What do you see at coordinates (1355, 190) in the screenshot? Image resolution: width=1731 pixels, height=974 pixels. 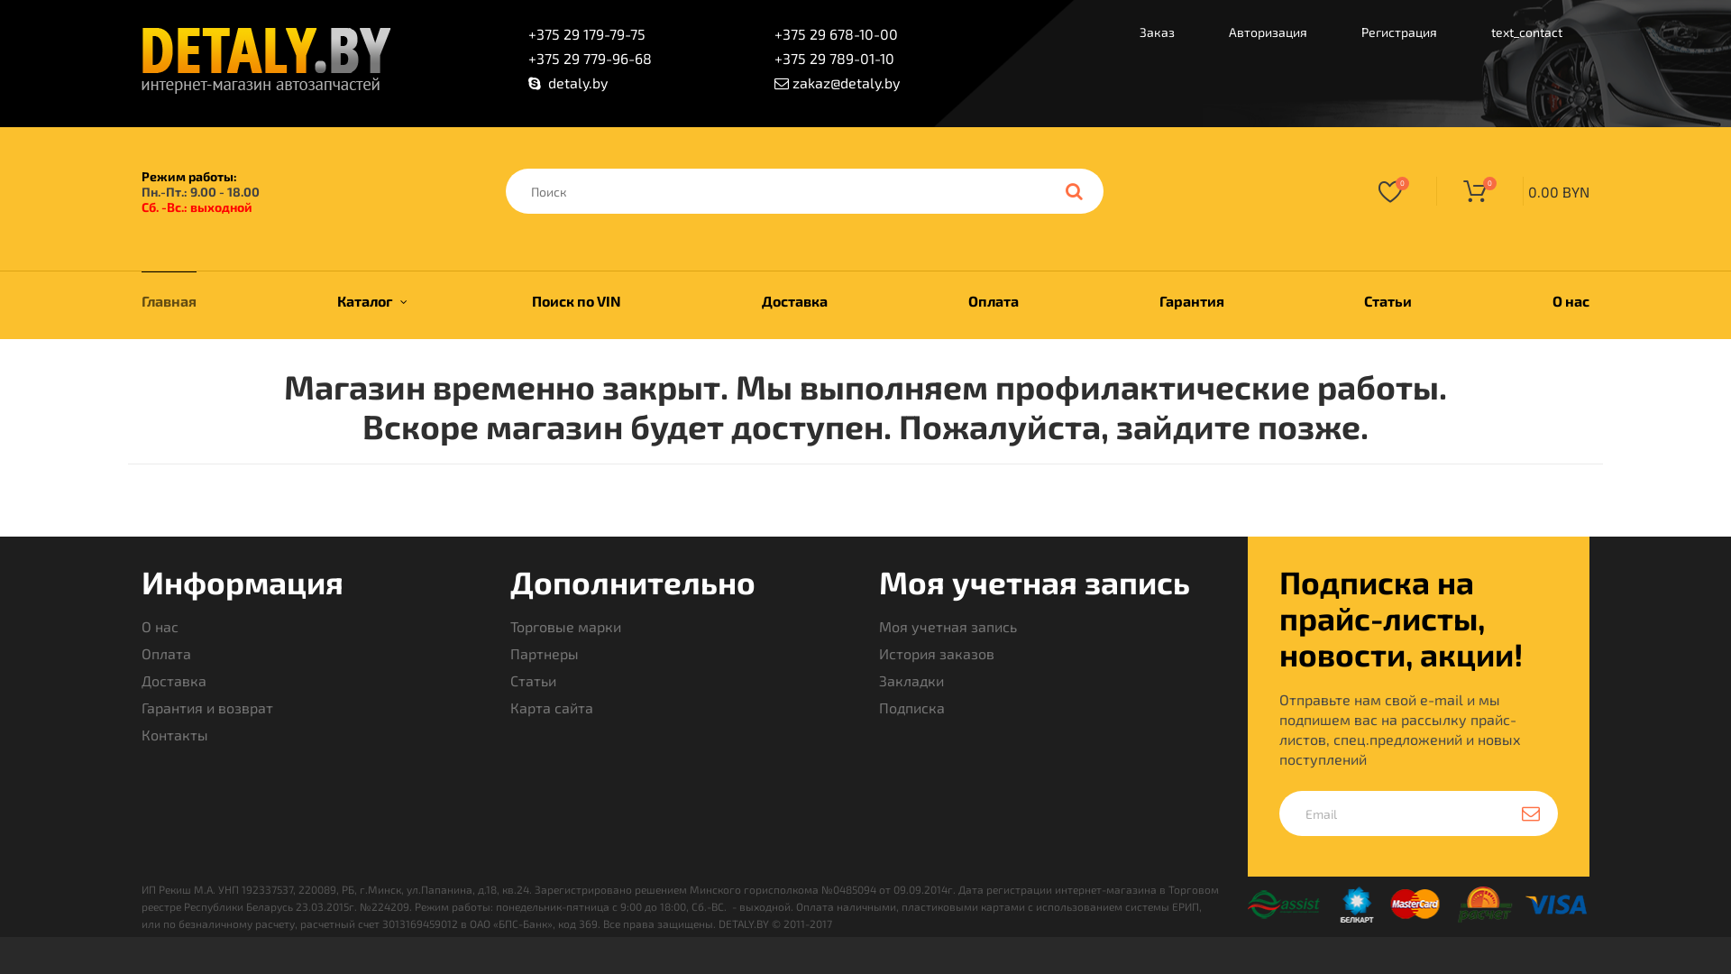 I see `'0'` at bounding box center [1355, 190].